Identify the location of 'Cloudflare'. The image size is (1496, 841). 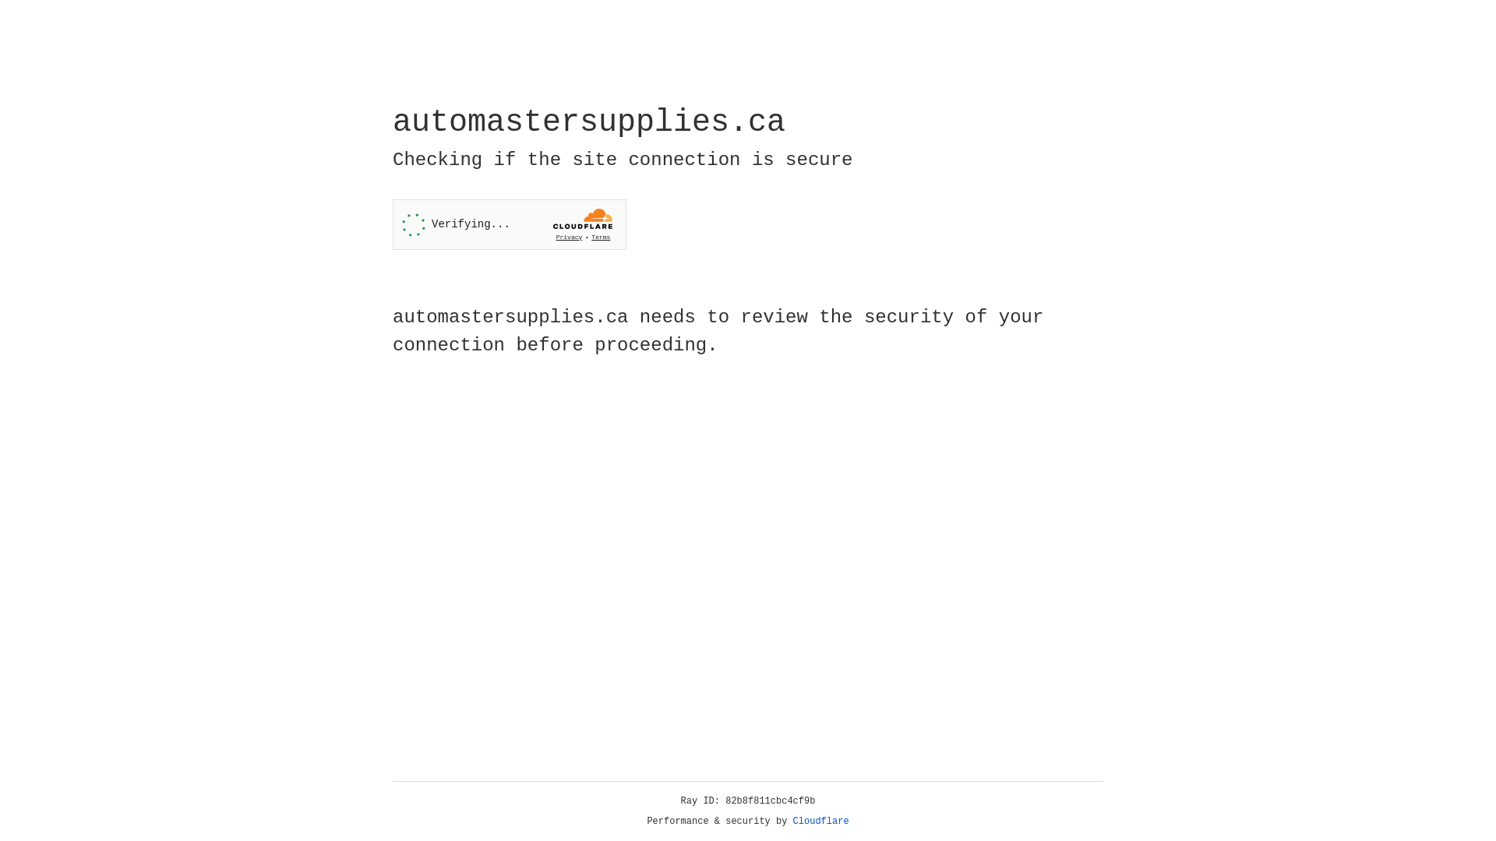
(820, 821).